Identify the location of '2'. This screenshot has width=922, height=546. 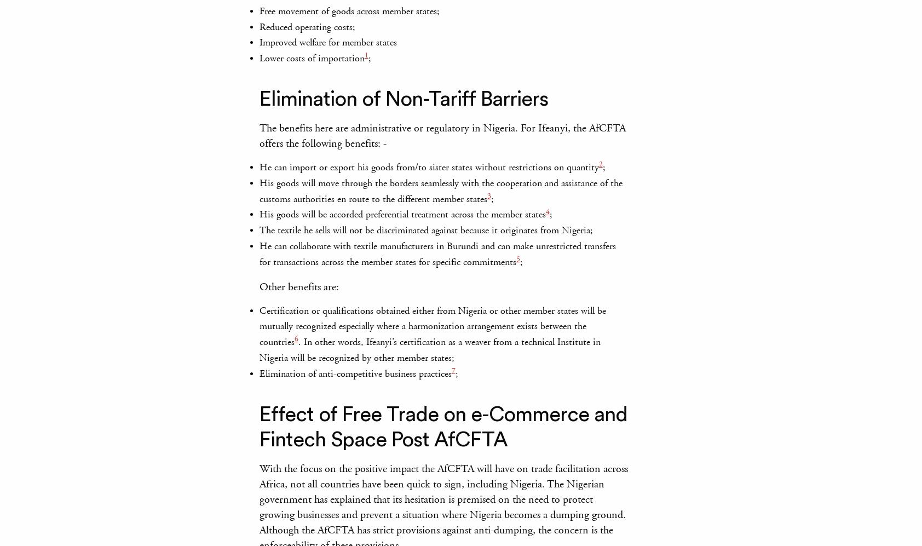
(600, 164).